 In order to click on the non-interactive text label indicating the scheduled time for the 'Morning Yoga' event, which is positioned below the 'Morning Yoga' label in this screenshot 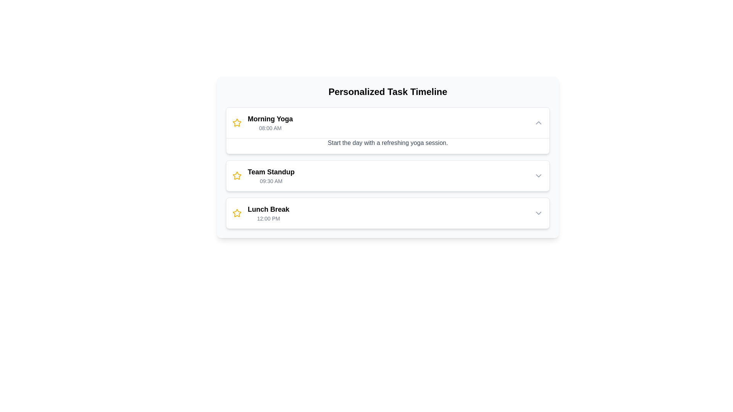, I will do `click(270, 127)`.